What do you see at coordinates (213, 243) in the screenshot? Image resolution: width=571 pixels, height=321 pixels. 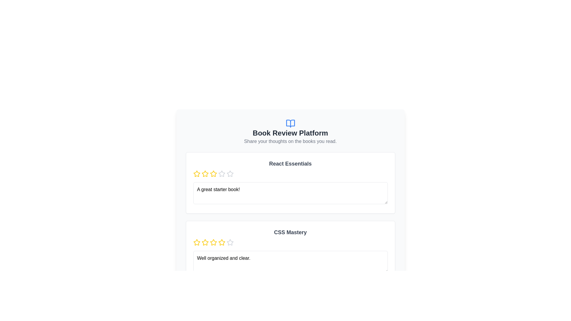 I see `the third yellow star in the rating system for the 'CSS Mastery' book review section to rate it` at bounding box center [213, 243].